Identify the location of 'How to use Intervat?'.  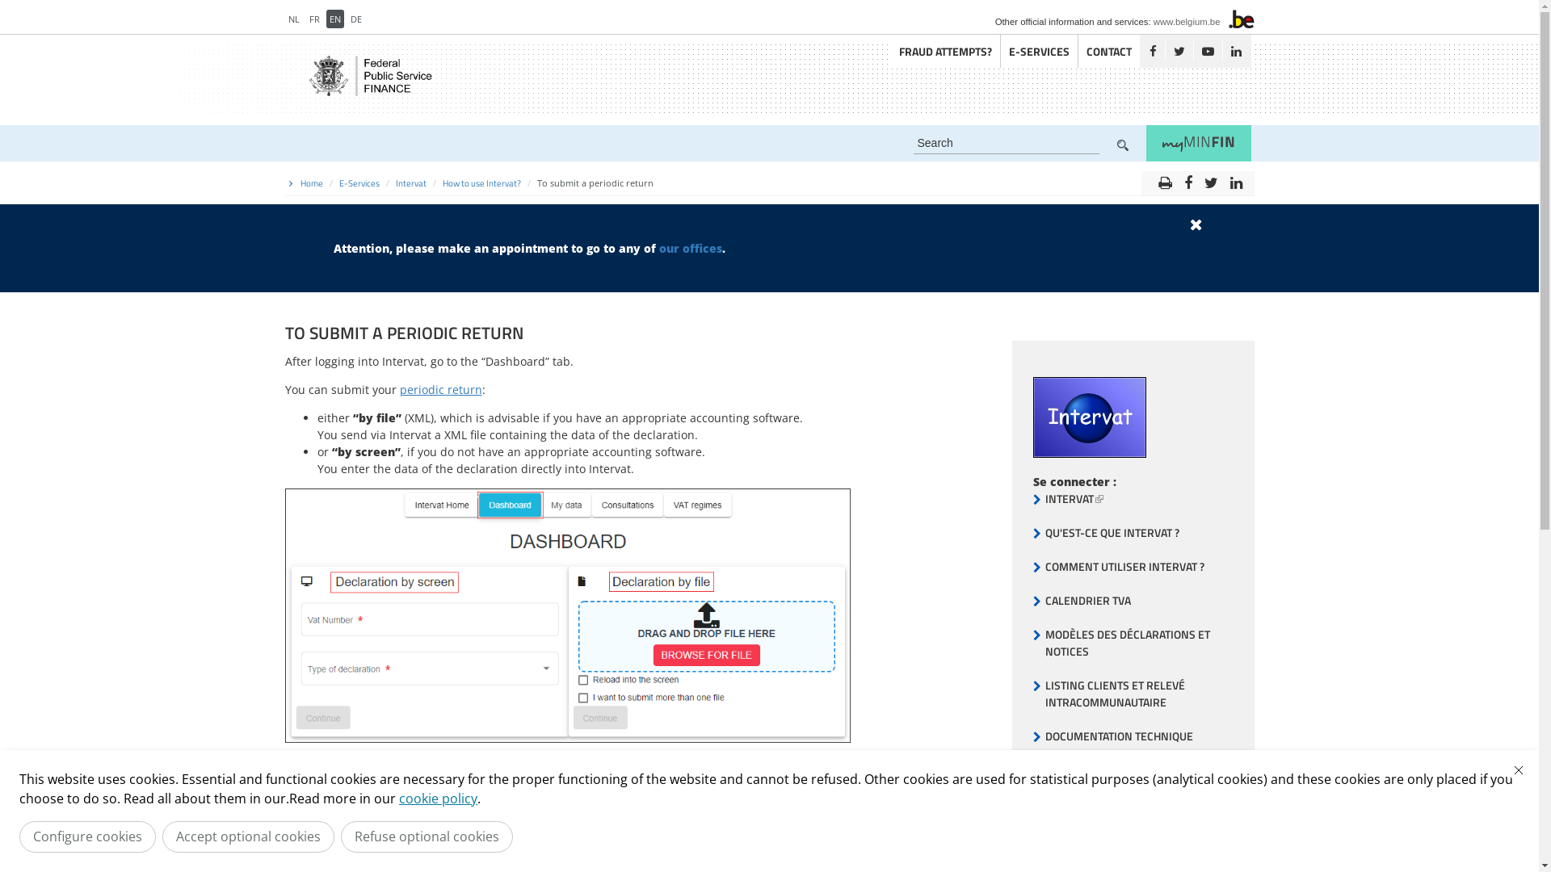
(481, 182).